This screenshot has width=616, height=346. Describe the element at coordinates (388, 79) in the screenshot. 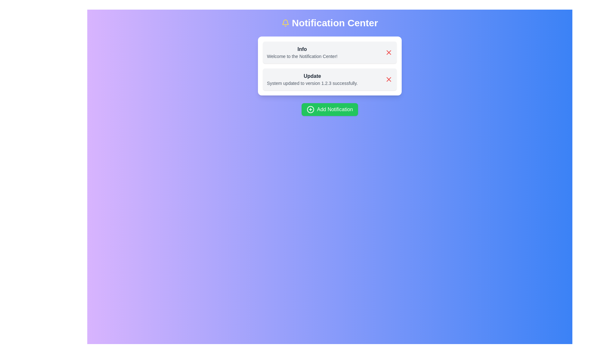

I see `the red 'X' close button located next to the notification message 'System updated to version 1.2.3 successfully.' to trigger the hover effect that changes its color` at that location.